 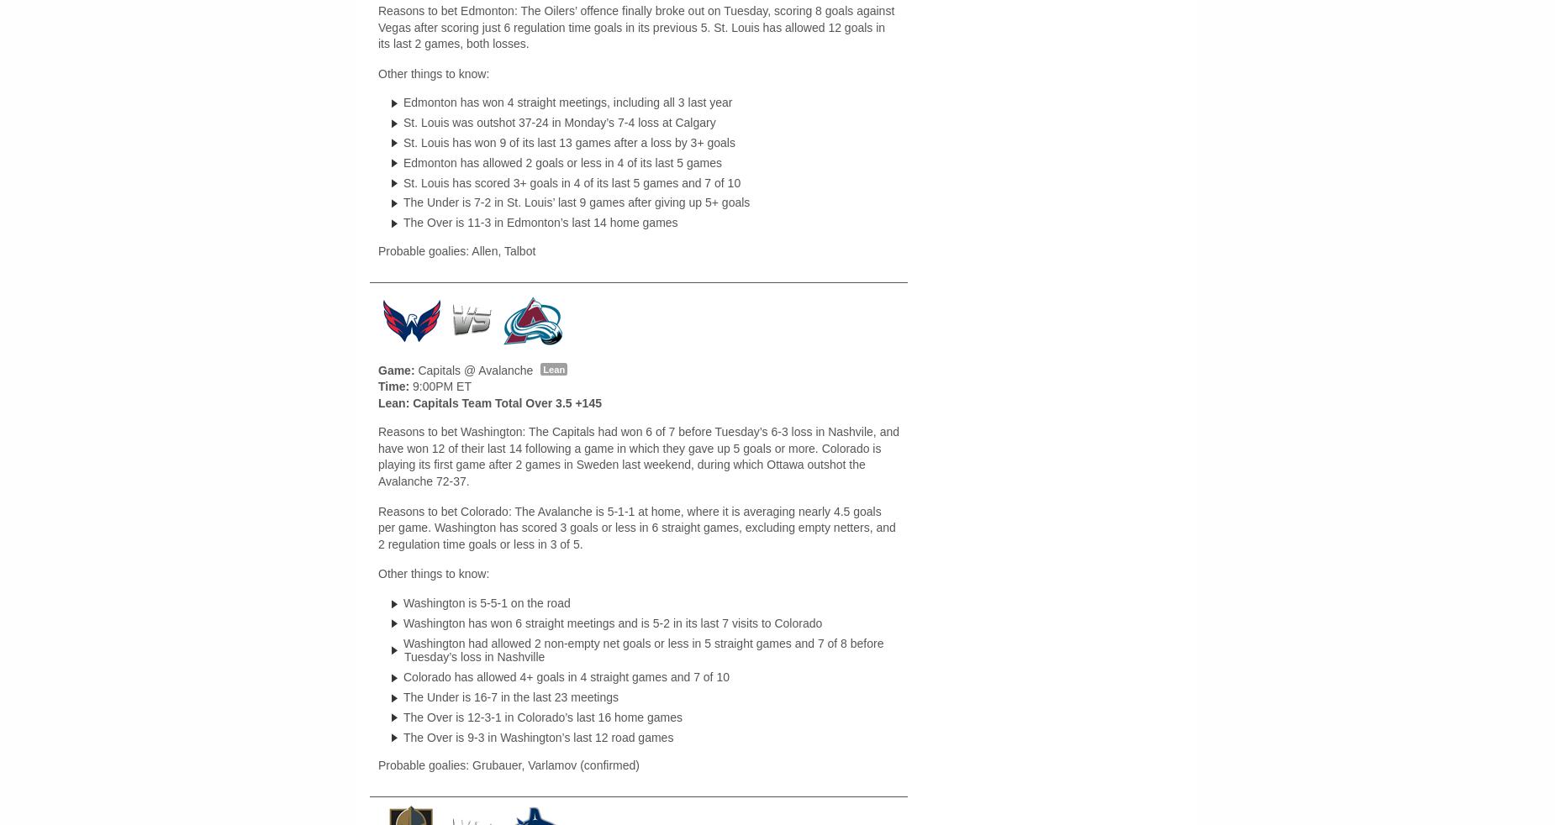 What do you see at coordinates (403, 201) in the screenshot?
I see `'The Under is 7-2 in St. Louis’ last 9 games after giving up 5+ goals'` at bounding box center [403, 201].